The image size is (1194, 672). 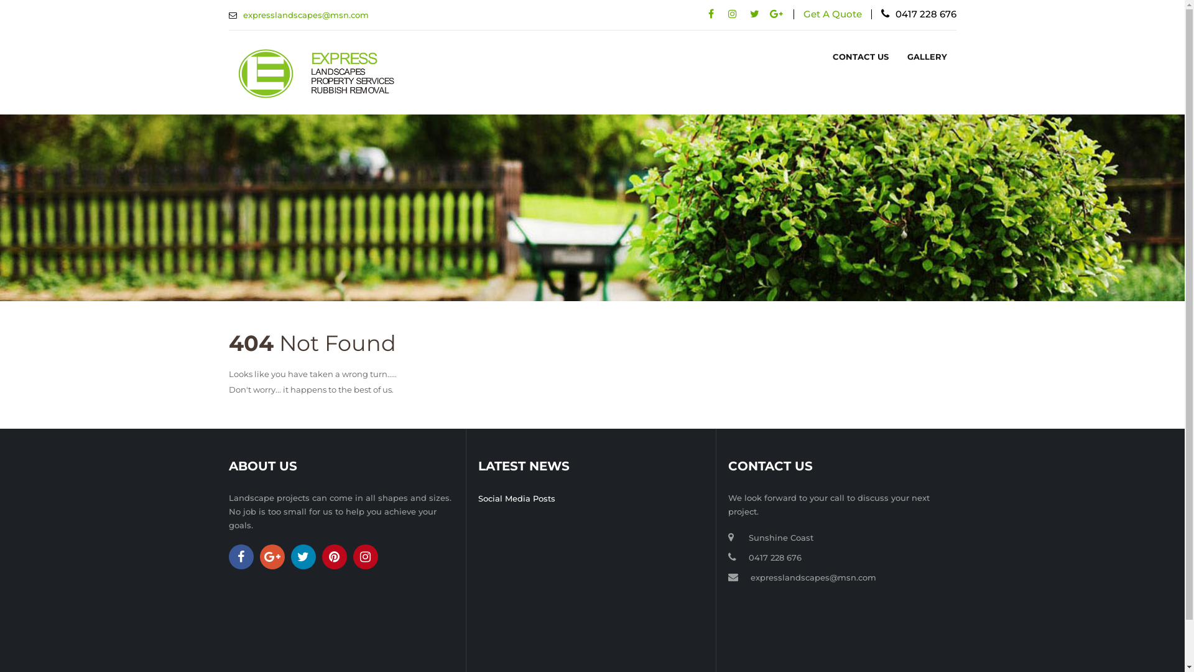 I want to click on 'Social Media Posts', so click(x=516, y=498).